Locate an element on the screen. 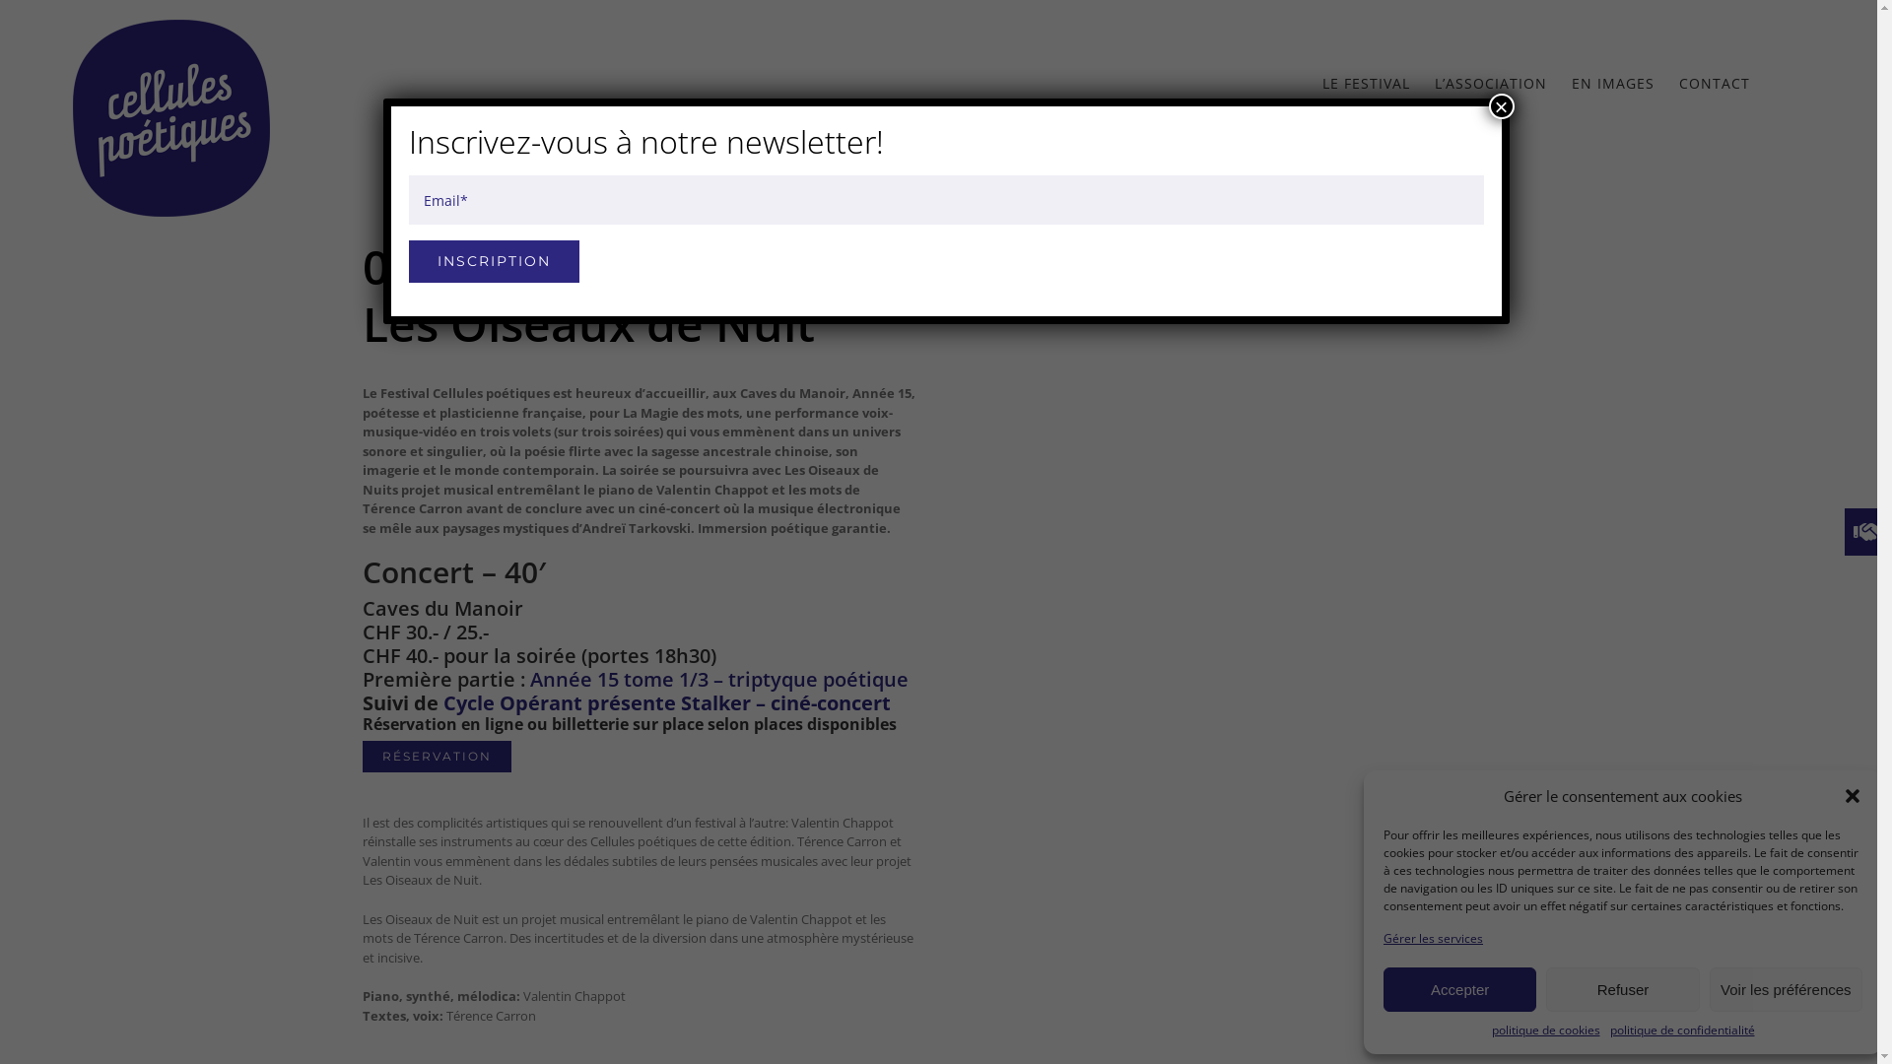 The image size is (1892, 1064). 'Refuser' is located at coordinates (1545, 989).